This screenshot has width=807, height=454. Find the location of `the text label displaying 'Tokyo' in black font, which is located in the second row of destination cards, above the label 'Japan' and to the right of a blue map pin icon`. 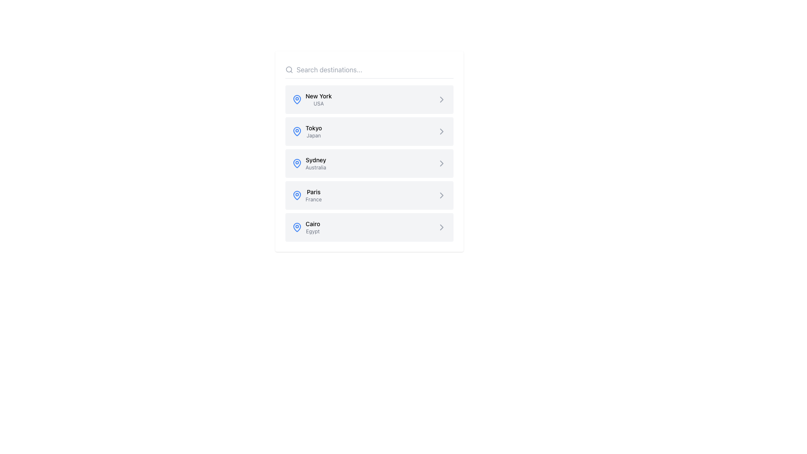

the text label displaying 'Tokyo' in black font, which is located in the second row of destination cards, above the label 'Japan' and to the right of a blue map pin icon is located at coordinates (313, 128).